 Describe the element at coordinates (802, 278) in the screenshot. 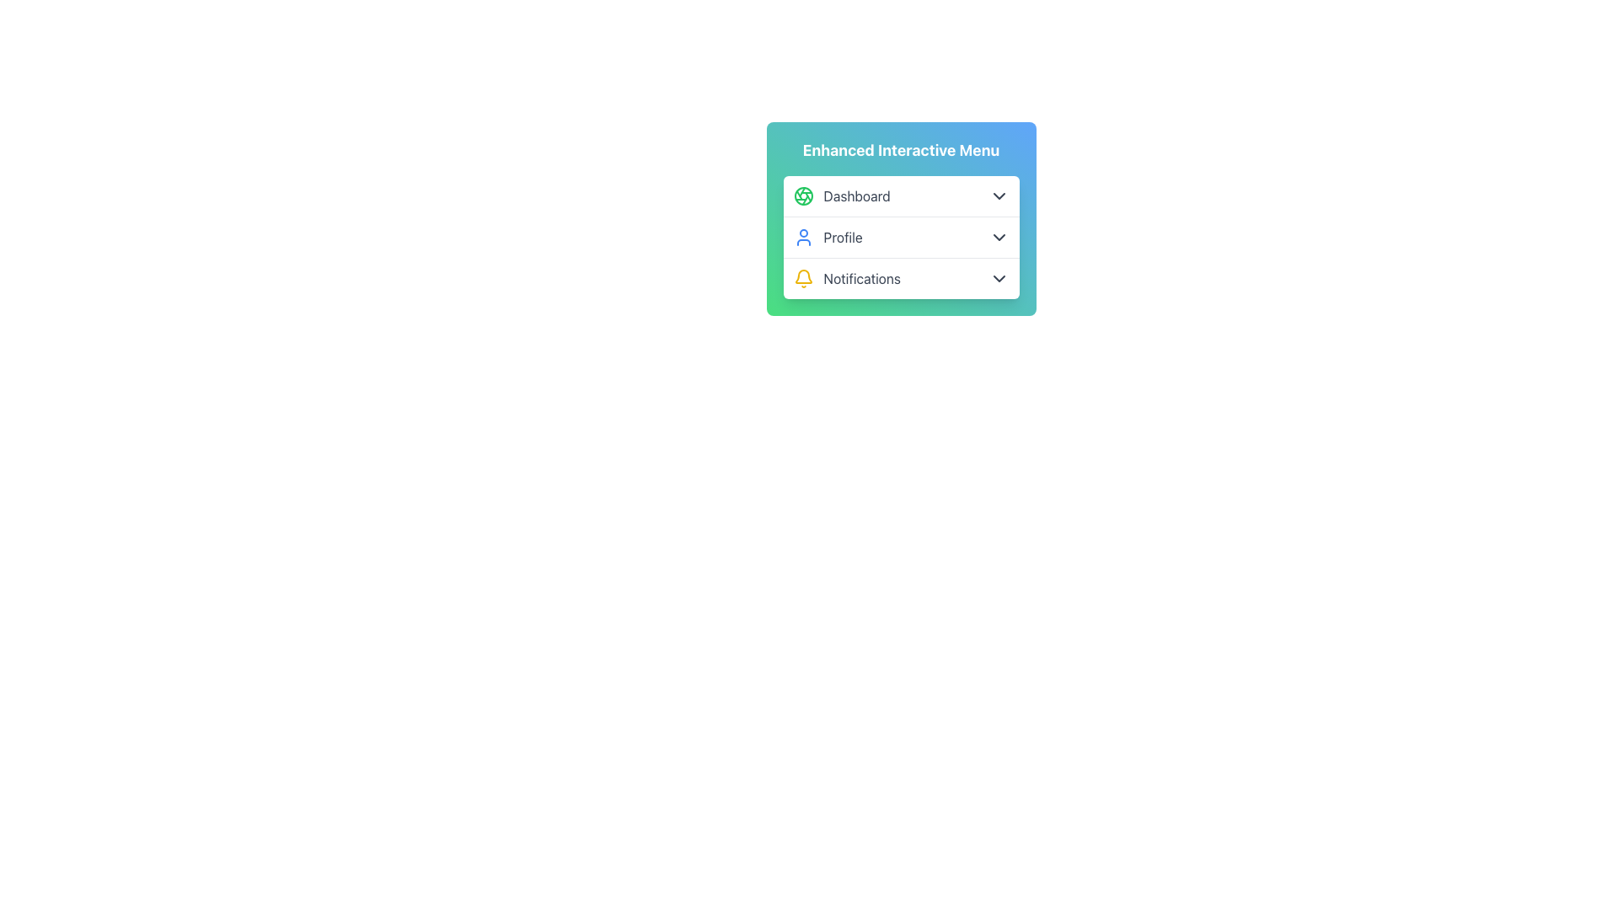

I see `the notifications icon located as the leftmost item in the bottom group of the vertical menu, adjacent to the label 'Notifications'` at that location.